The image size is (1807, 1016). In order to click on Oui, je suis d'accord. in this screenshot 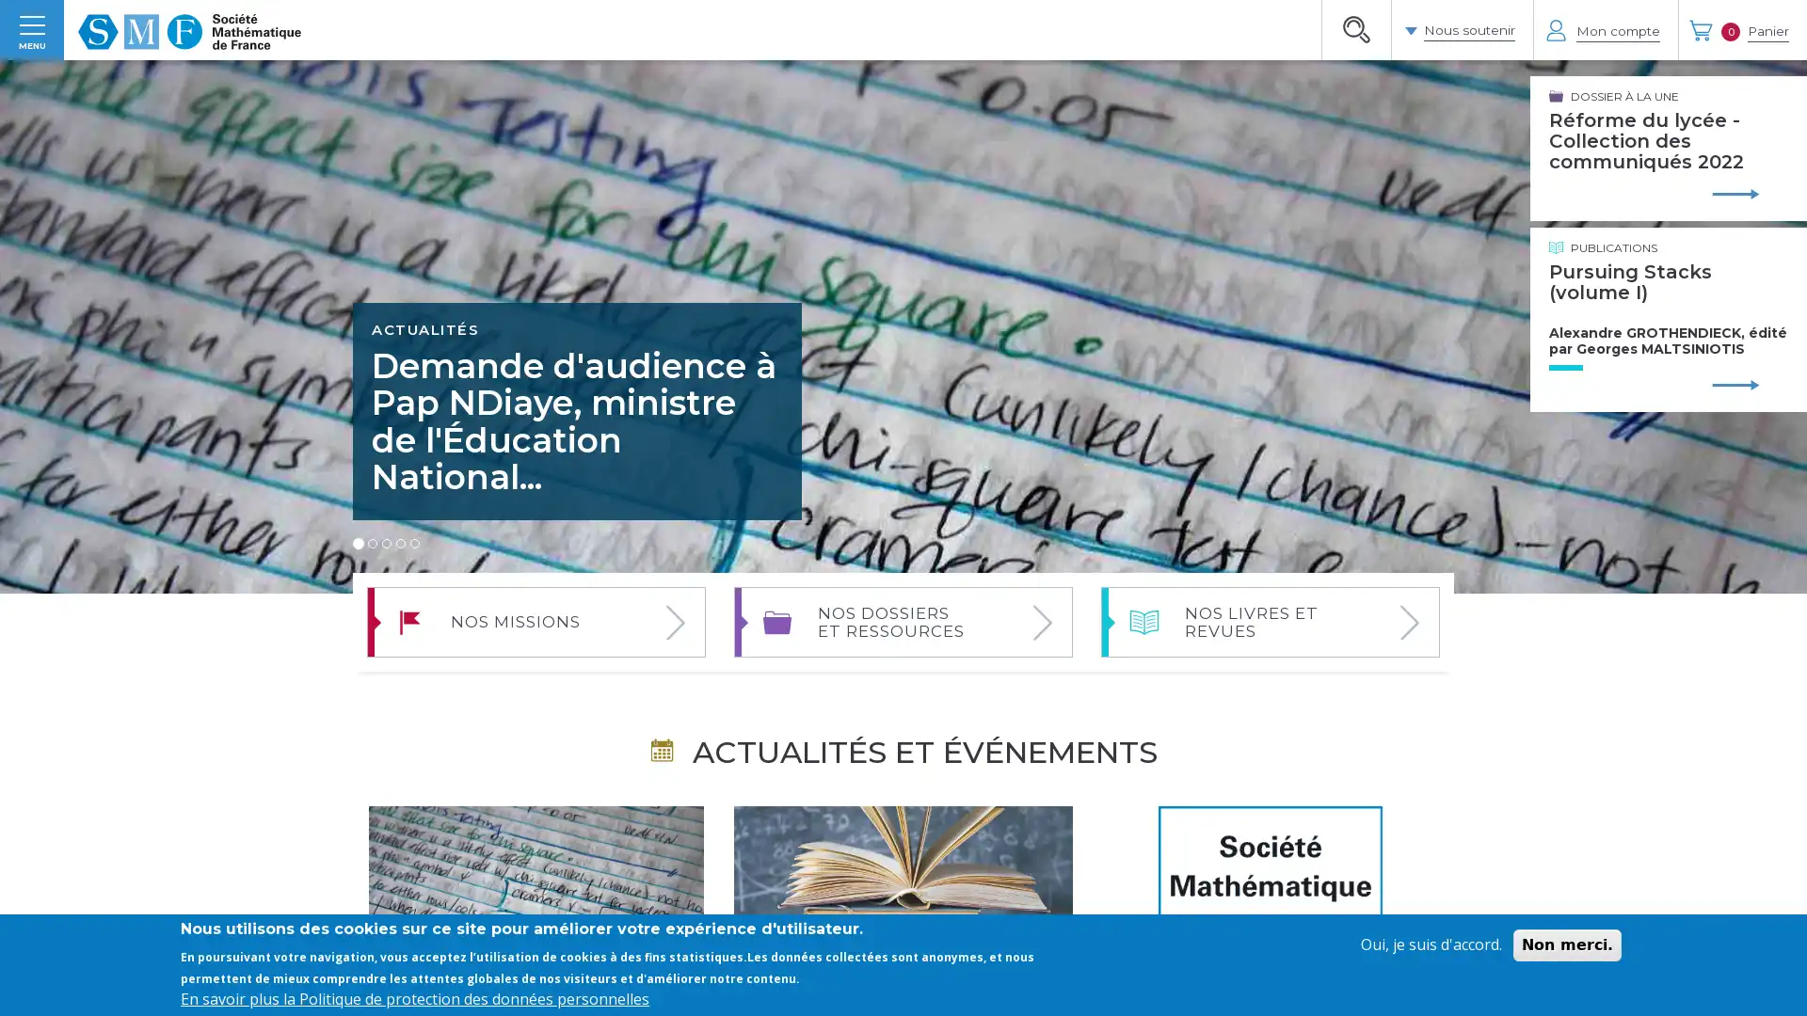, I will do `click(1431, 945)`.